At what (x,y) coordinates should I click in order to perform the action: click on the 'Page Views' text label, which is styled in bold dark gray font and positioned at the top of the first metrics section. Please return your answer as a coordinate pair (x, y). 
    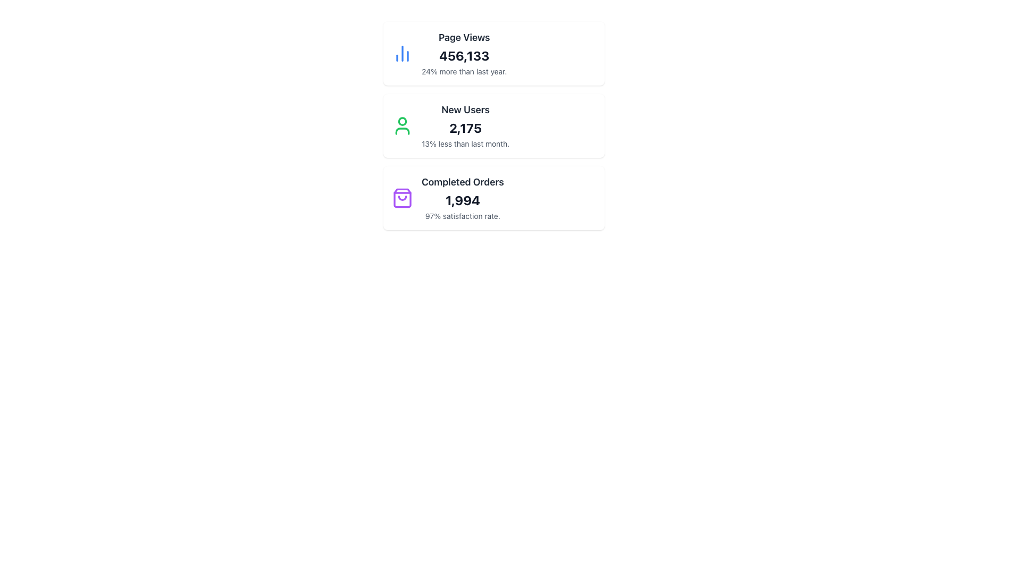
    Looking at the image, I should click on (464, 37).